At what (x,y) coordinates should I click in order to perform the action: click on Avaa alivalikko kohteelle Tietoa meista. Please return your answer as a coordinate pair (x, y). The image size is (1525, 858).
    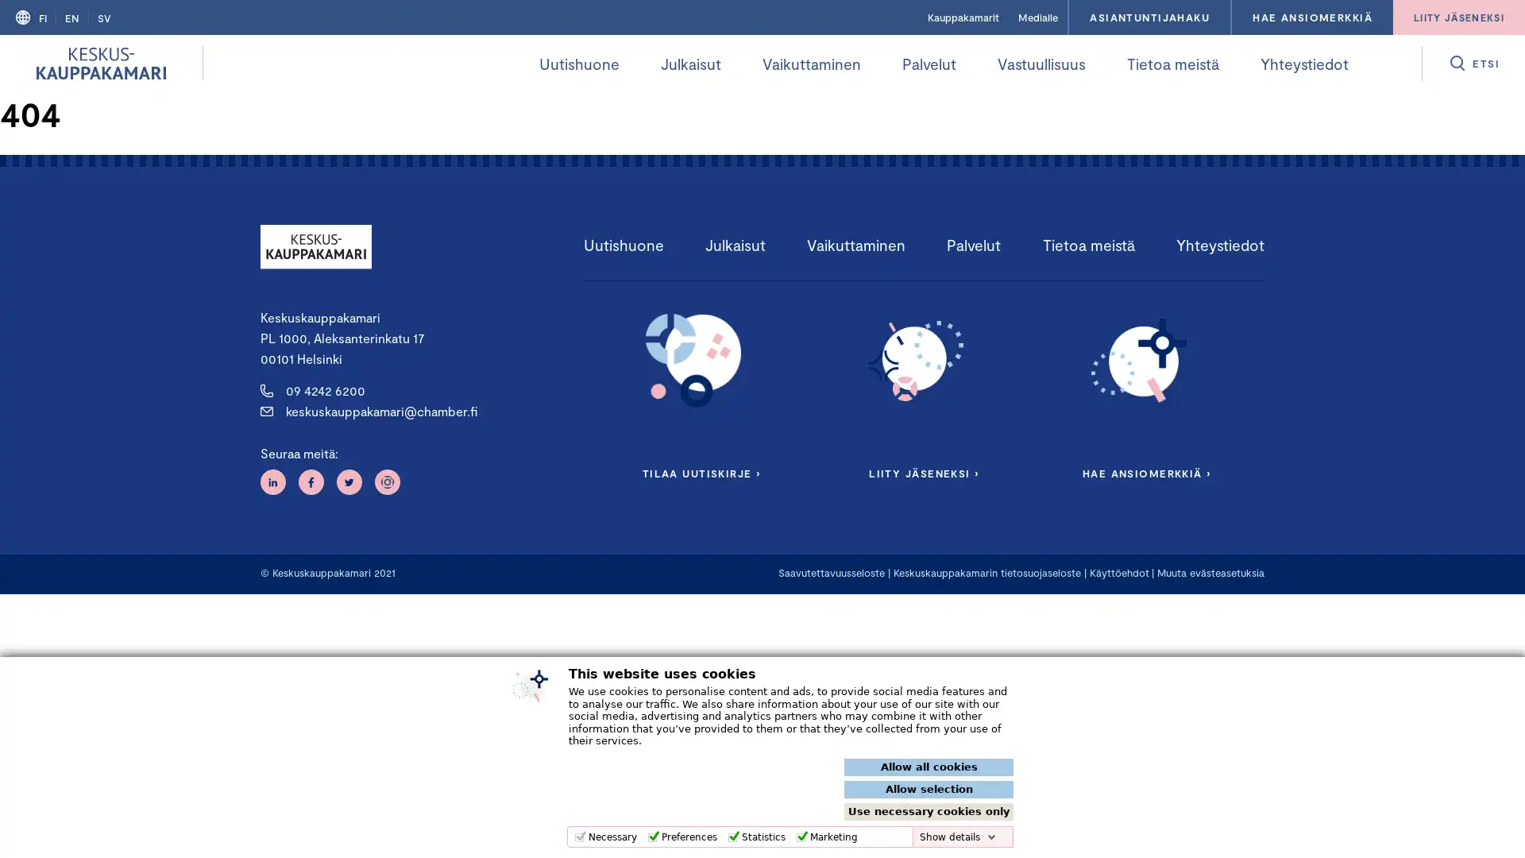
    Looking at the image, I should click on (1233, 76).